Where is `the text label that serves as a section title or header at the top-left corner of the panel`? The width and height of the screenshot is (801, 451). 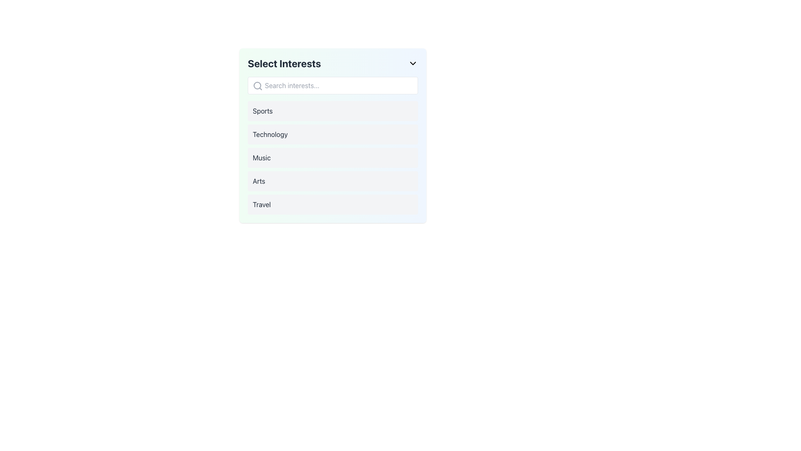 the text label that serves as a section title or header at the top-left corner of the panel is located at coordinates (284, 63).